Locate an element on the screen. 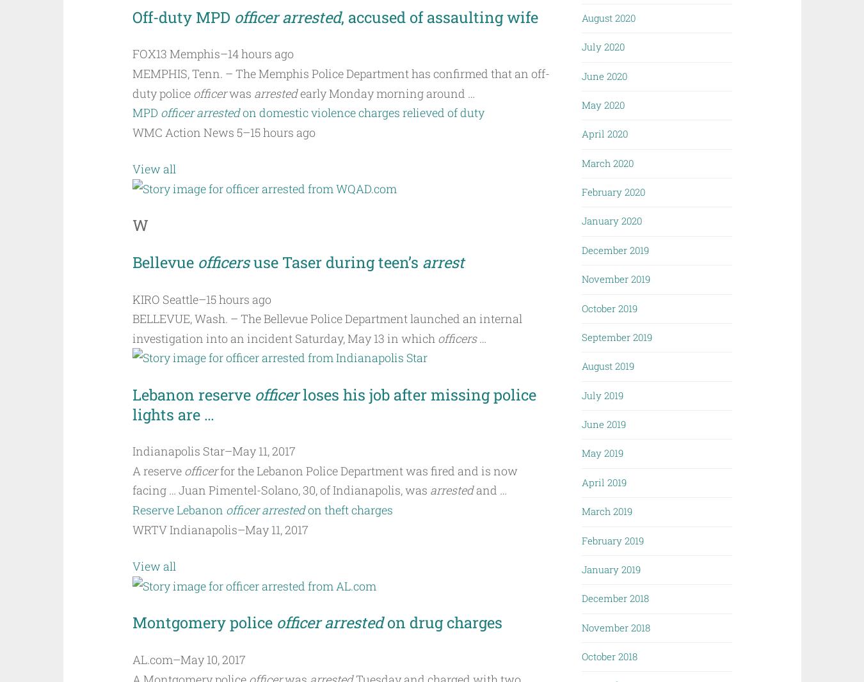 Image resolution: width=864 pixels, height=682 pixels. 'August 2020' is located at coordinates (607, 16).